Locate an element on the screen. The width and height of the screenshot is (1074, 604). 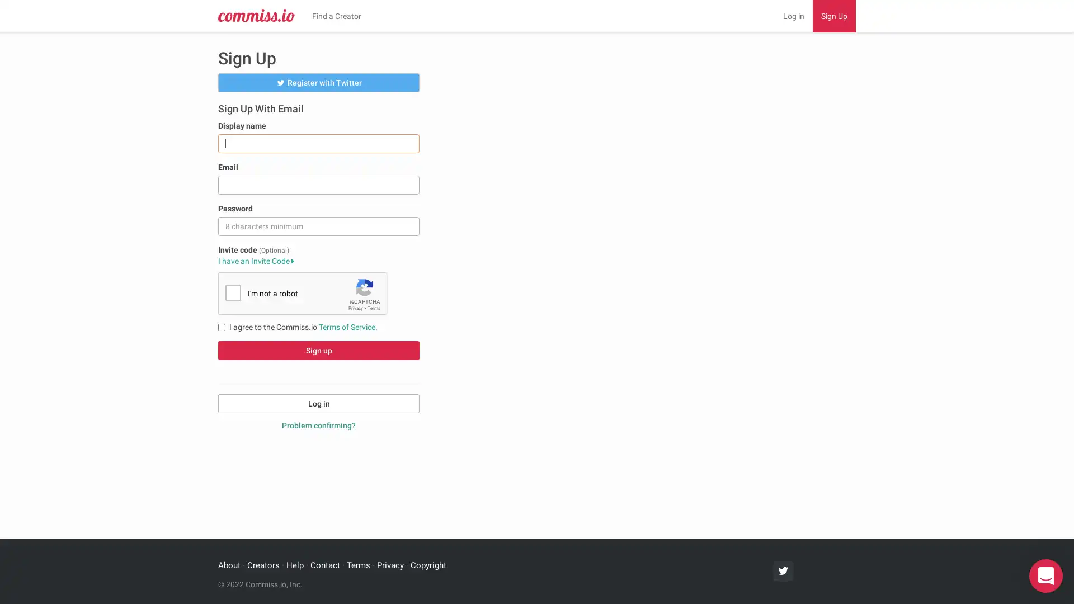
Sign up is located at coordinates (318, 349).